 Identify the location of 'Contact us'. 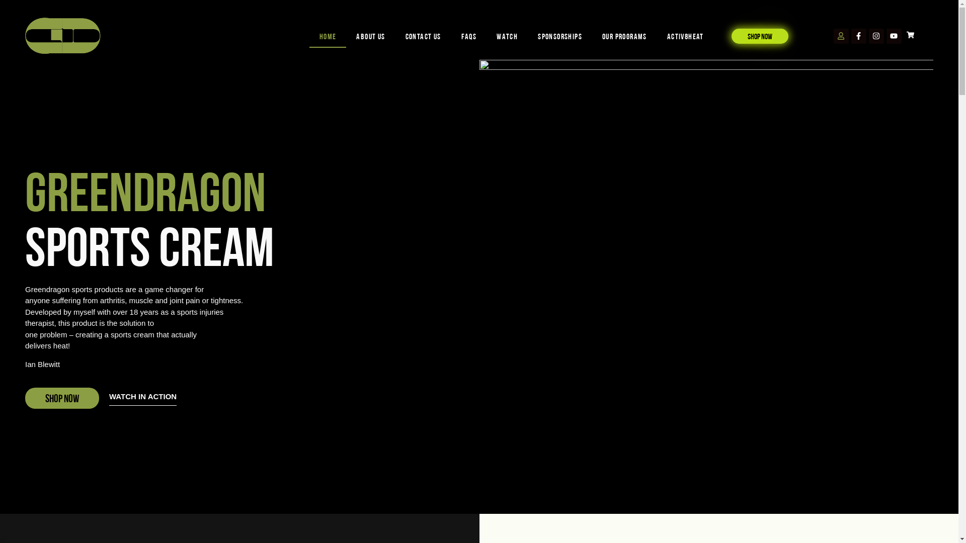
(423, 35).